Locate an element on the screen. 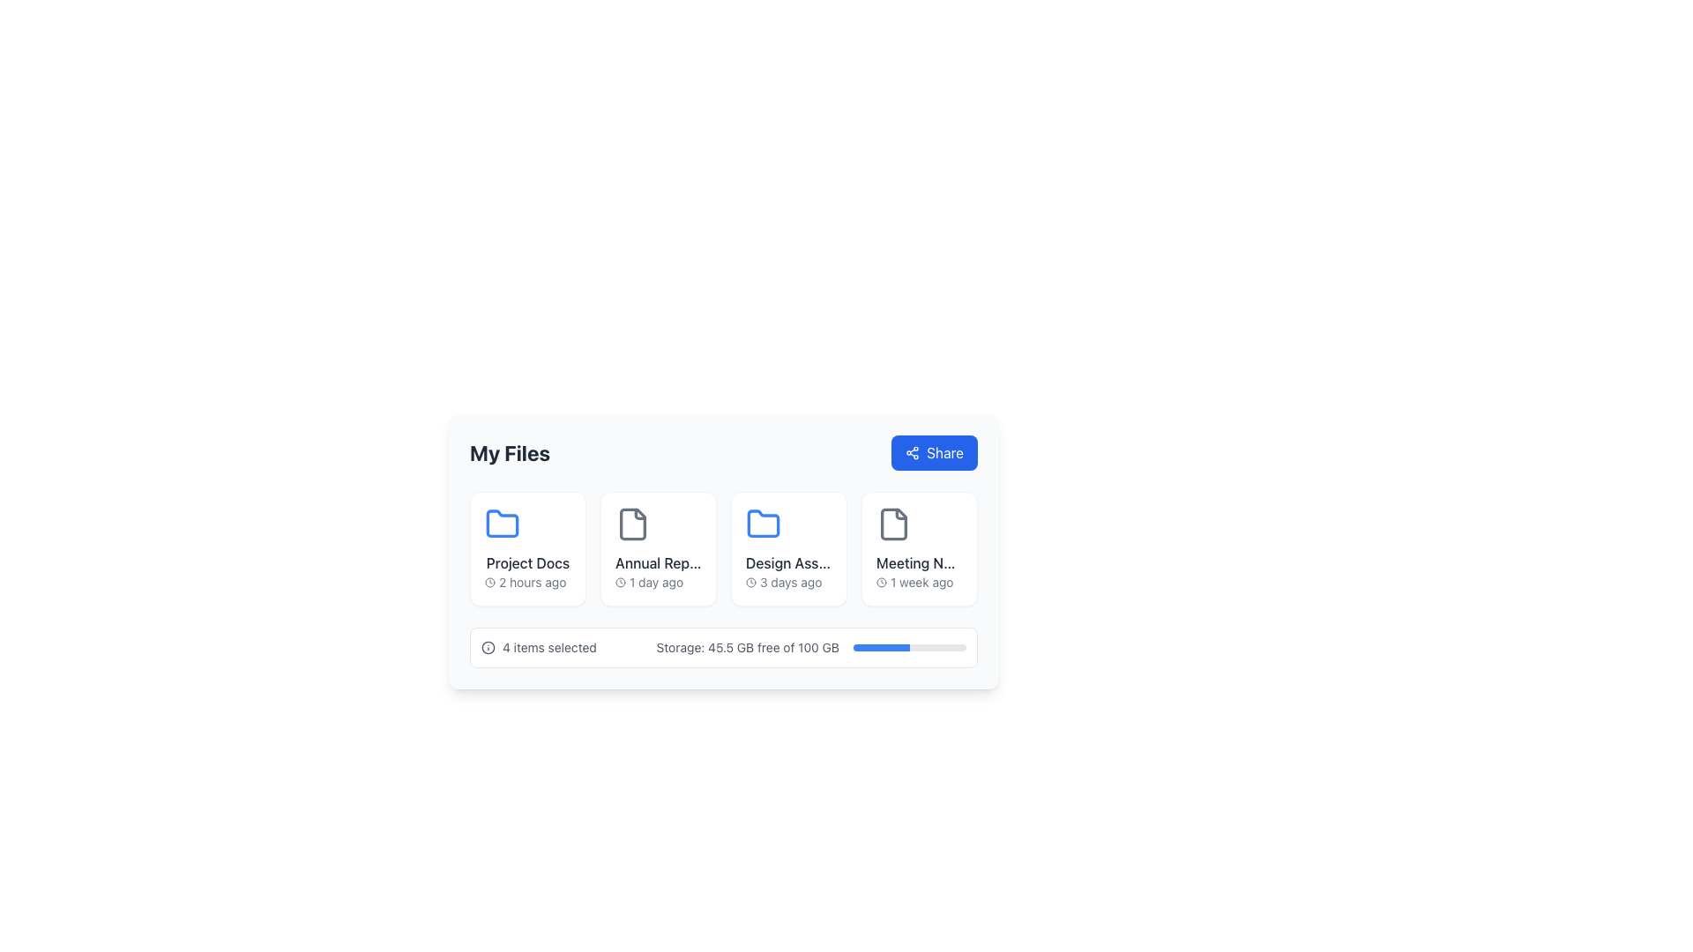 The image size is (1693, 952). the circular component of the clock icon, which is centrally located within the icon near the 'Annual Report' file's timestamp of '1 day ago' is located at coordinates (621, 582).